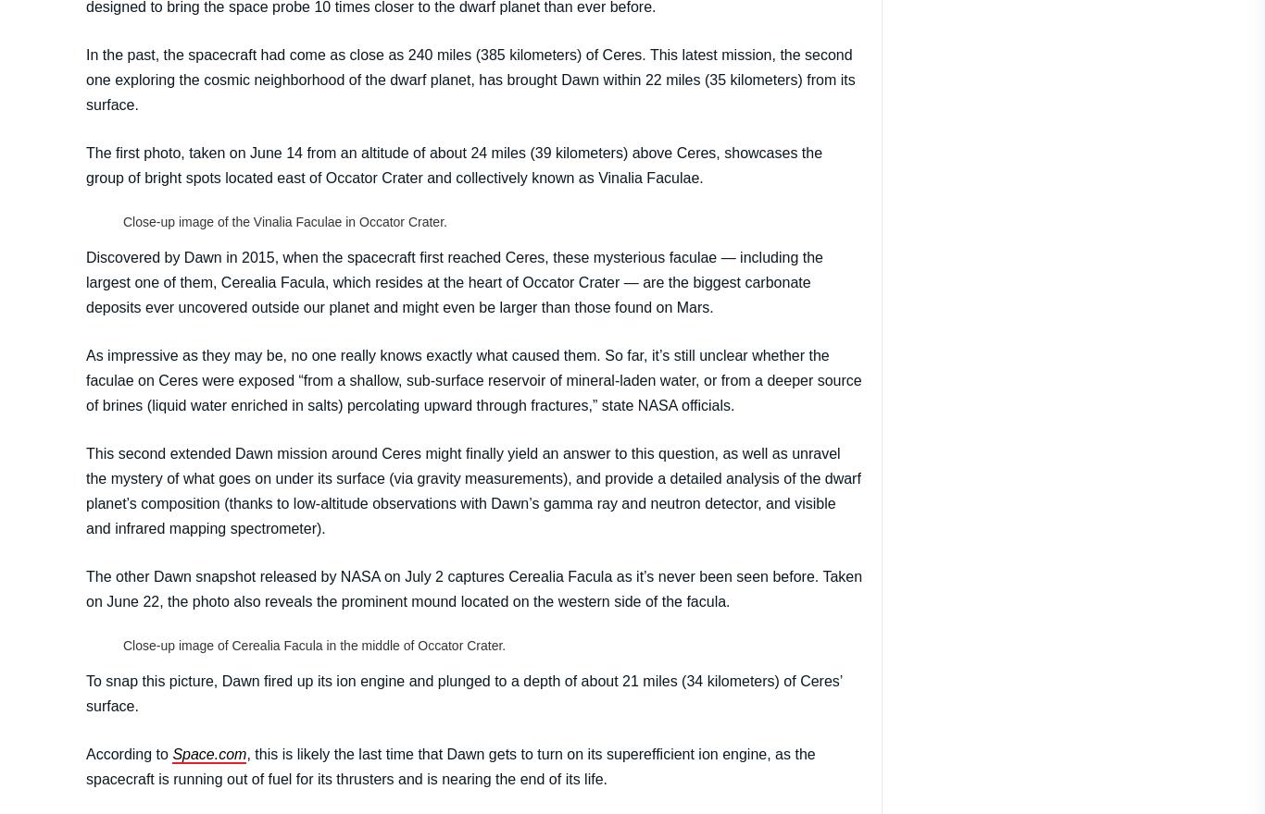  I want to click on 'As impressive as they may be, no one really knows exactly what caused them. So far, it’s still unclear whether the faculae on Ceres were exposed “from a shallow, sub-surface reservoir of mineral-laden water, or from a deeper source of brines (liquid water enriched in salts) percolating upward through fractures,” state NASA officials.', so click(473, 379).